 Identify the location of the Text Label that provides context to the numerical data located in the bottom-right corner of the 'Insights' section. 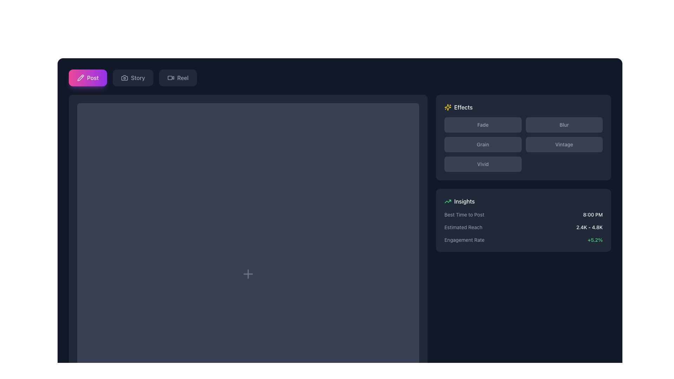
(464, 239).